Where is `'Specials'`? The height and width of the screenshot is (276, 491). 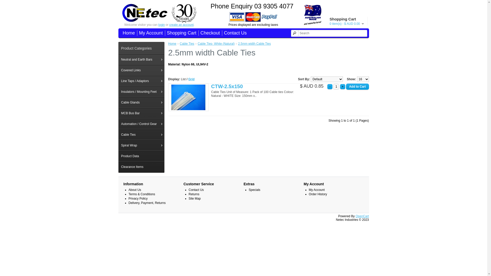 'Specials' is located at coordinates (254, 190).